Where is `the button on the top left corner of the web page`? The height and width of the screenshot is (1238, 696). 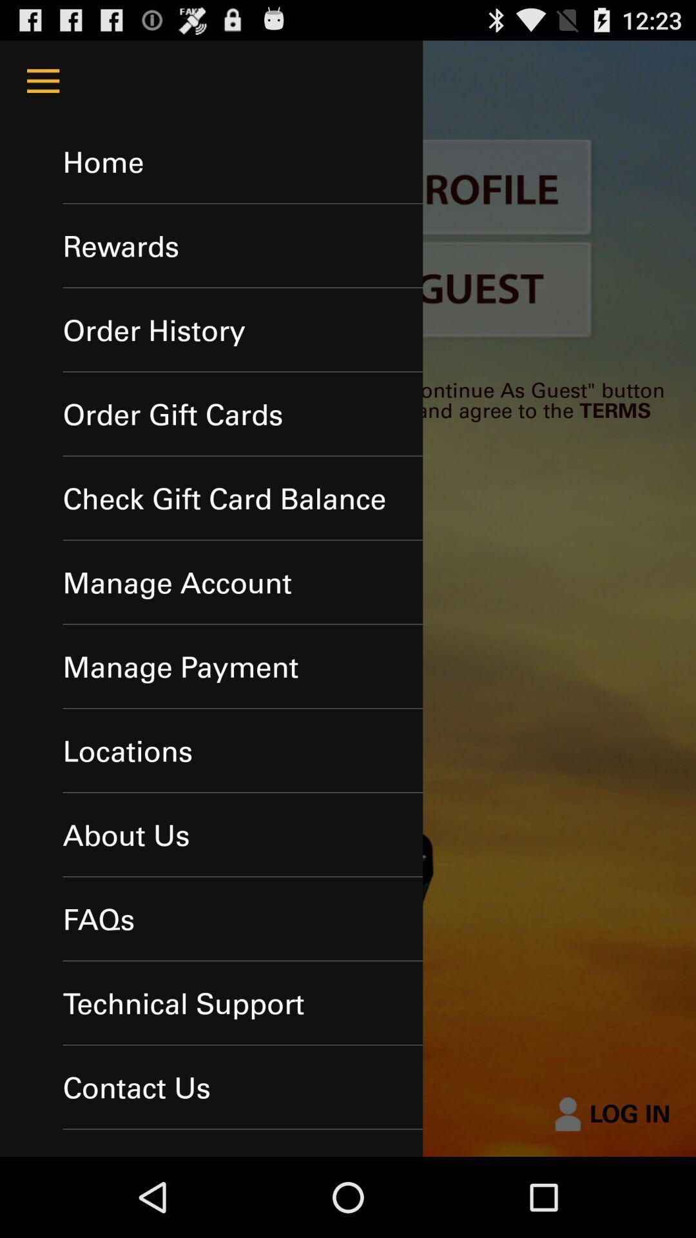 the button on the top left corner of the web page is located at coordinates (42, 80).